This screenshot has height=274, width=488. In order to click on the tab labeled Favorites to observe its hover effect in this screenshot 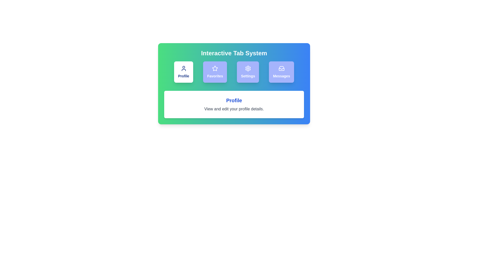, I will do `click(215, 72)`.